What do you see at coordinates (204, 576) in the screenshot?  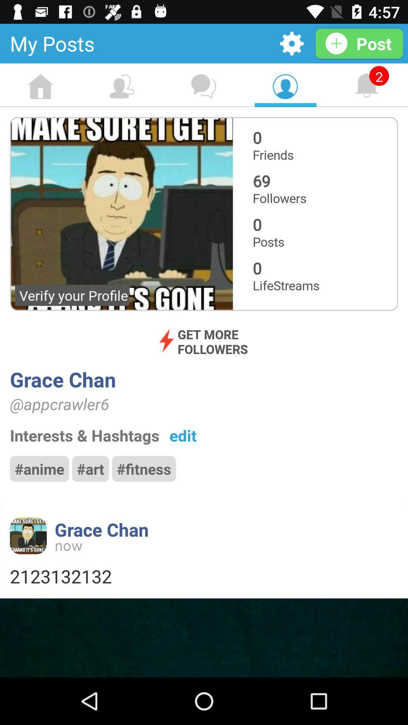 I see `the number from the bottom of the screen` at bounding box center [204, 576].